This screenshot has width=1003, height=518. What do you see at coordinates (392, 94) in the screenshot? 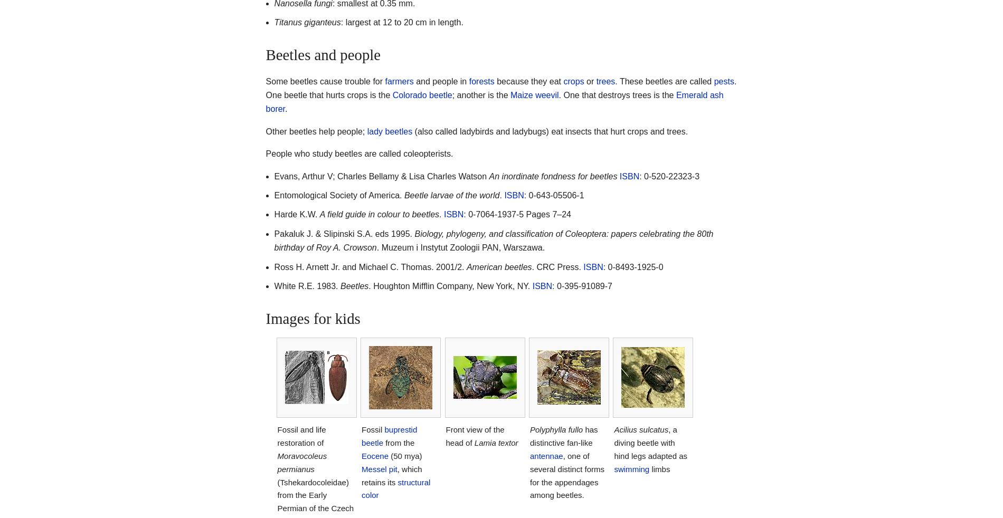
I see `'Colorado beetle'` at bounding box center [392, 94].